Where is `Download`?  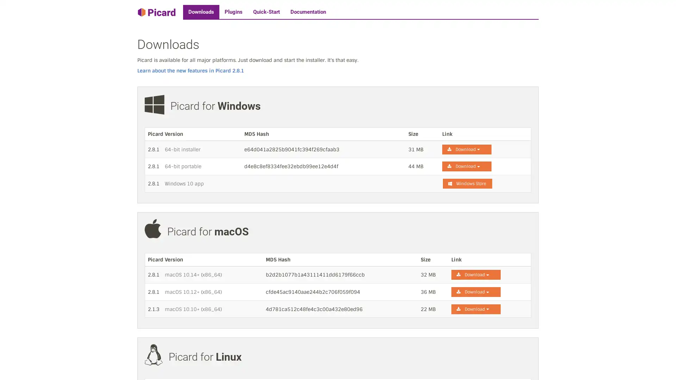
Download is located at coordinates (476, 274).